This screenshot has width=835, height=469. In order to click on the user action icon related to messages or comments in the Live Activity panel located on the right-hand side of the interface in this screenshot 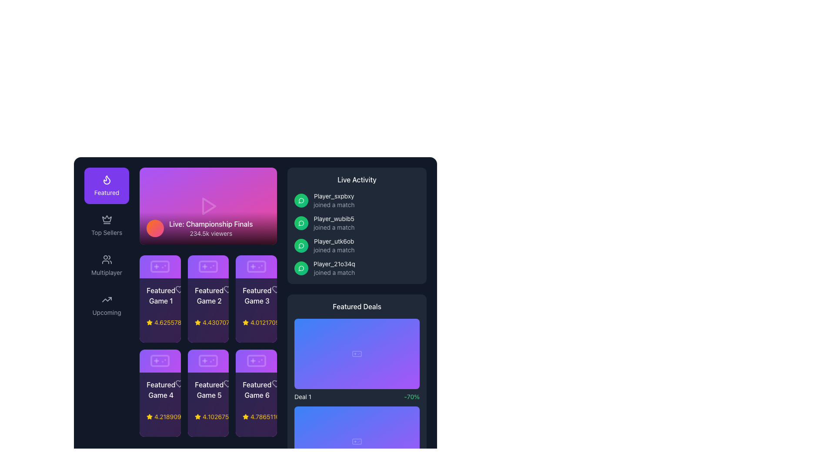, I will do `click(301, 201)`.